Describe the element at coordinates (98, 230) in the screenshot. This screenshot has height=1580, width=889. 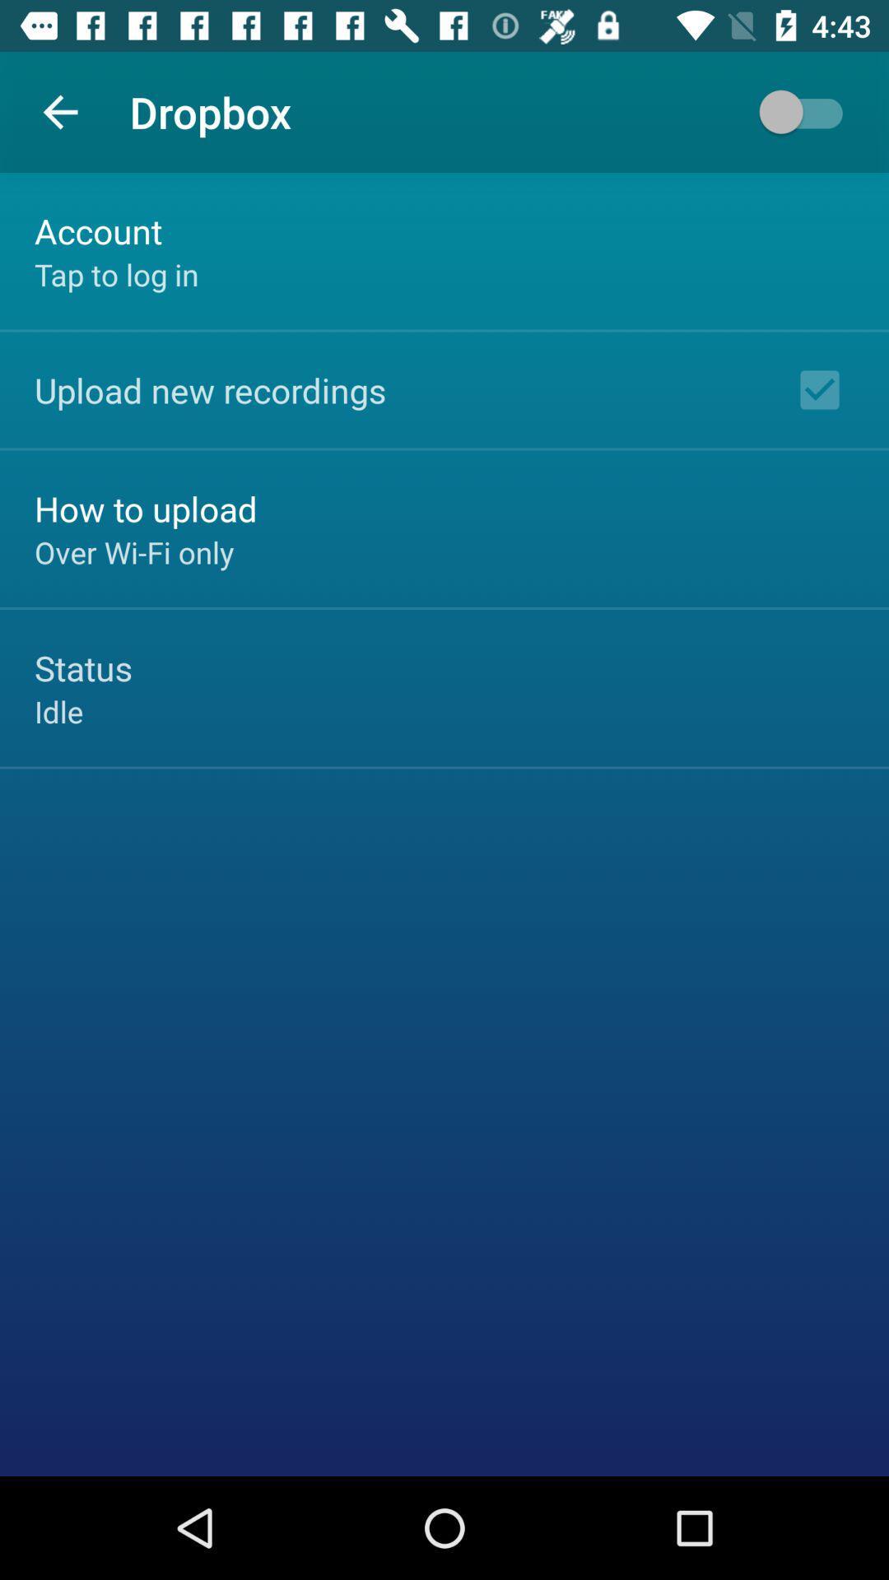
I see `account item` at that location.